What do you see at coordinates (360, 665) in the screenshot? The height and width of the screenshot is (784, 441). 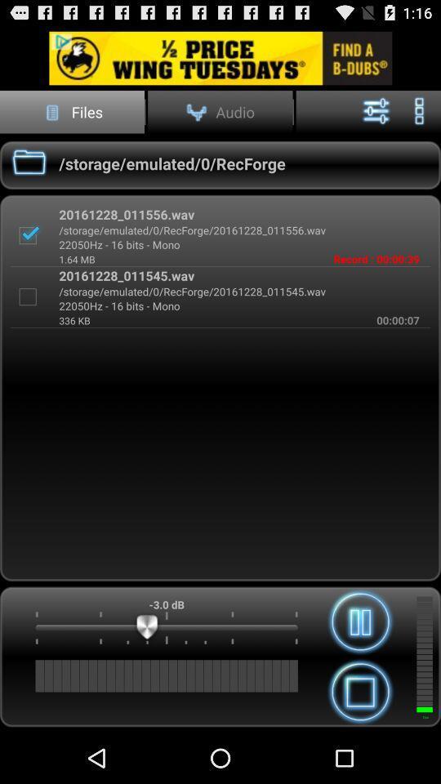 I see `the pause icon` at bounding box center [360, 665].